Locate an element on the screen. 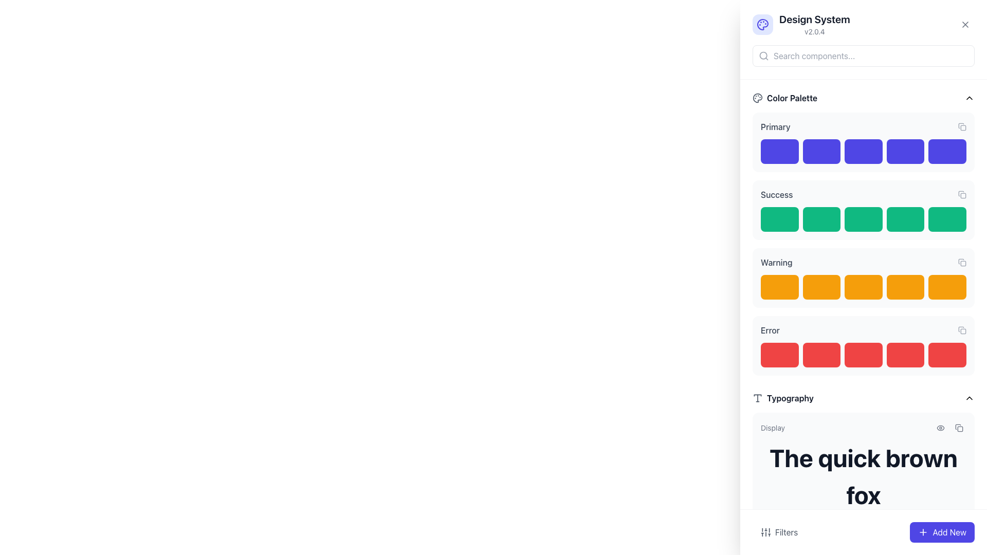  the vivid red rectangular button with rounded corners located under the 'Error' label is located at coordinates (864, 345).